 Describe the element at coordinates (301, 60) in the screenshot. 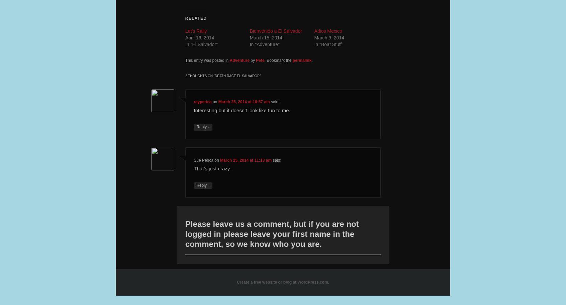

I see `'permalink'` at that location.